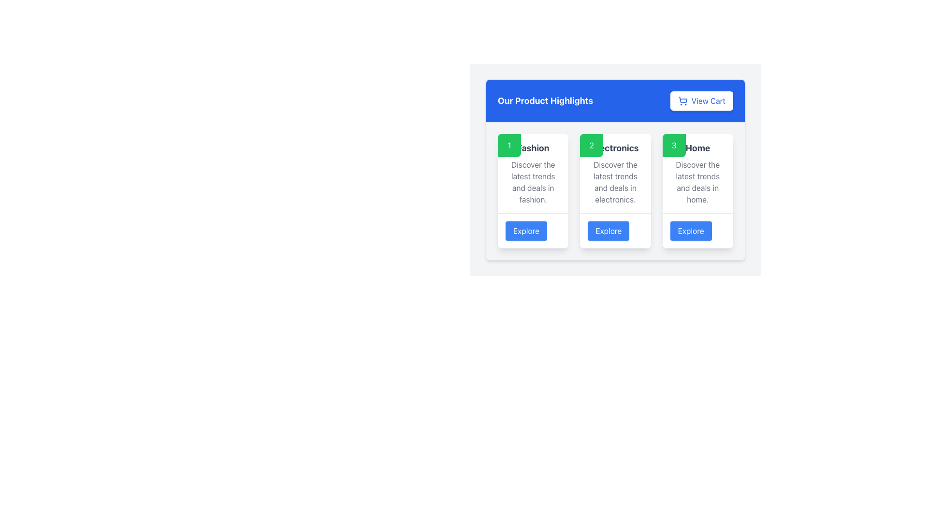 Image resolution: width=928 pixels, height=522 pixels. I want to click on the text block displaying 'Discover the latest trends and deals in fashion.' located in the leftmost card below the header 'Our Product Highlights.', so click(533, 182).